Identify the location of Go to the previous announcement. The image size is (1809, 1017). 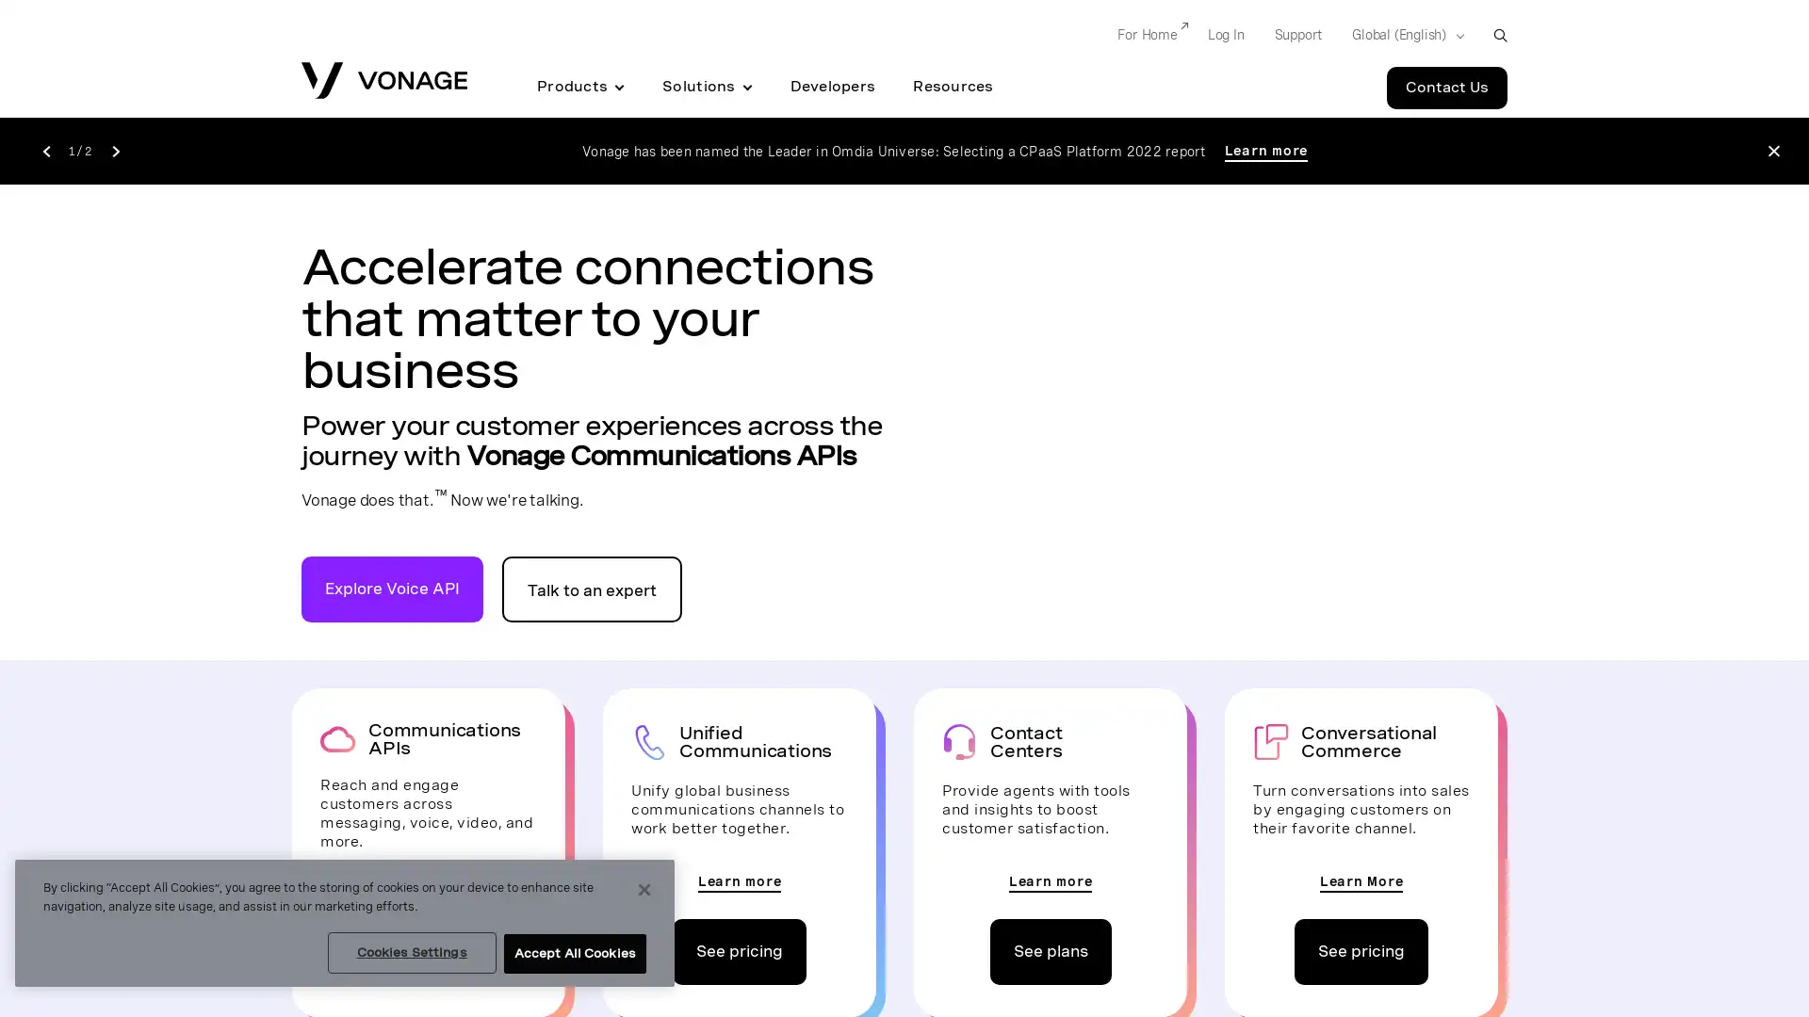
(45, 149).